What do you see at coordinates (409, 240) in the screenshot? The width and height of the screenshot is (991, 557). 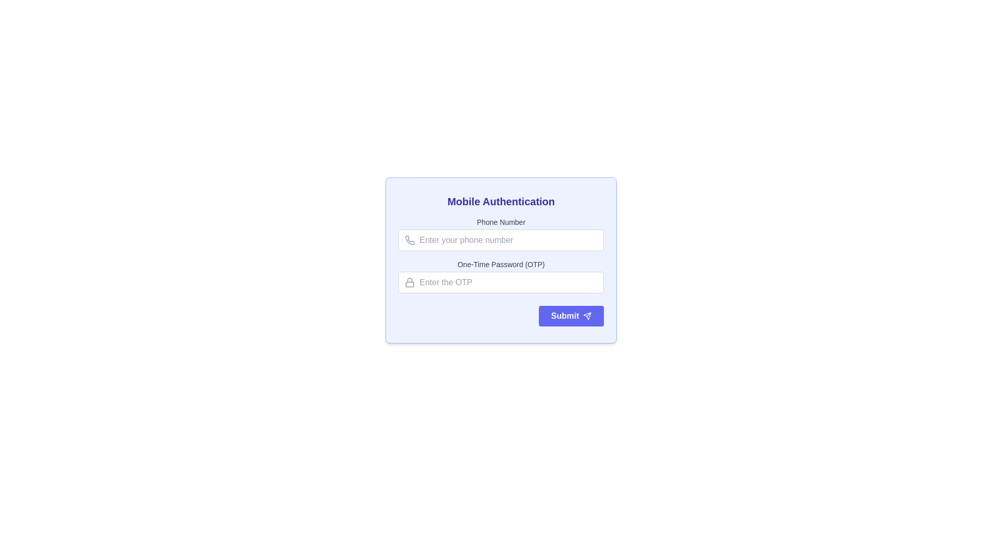 I see `the phone icon located to the left of the phone number input field in the Mobile Authentication form` at bounding box center [409, 240].